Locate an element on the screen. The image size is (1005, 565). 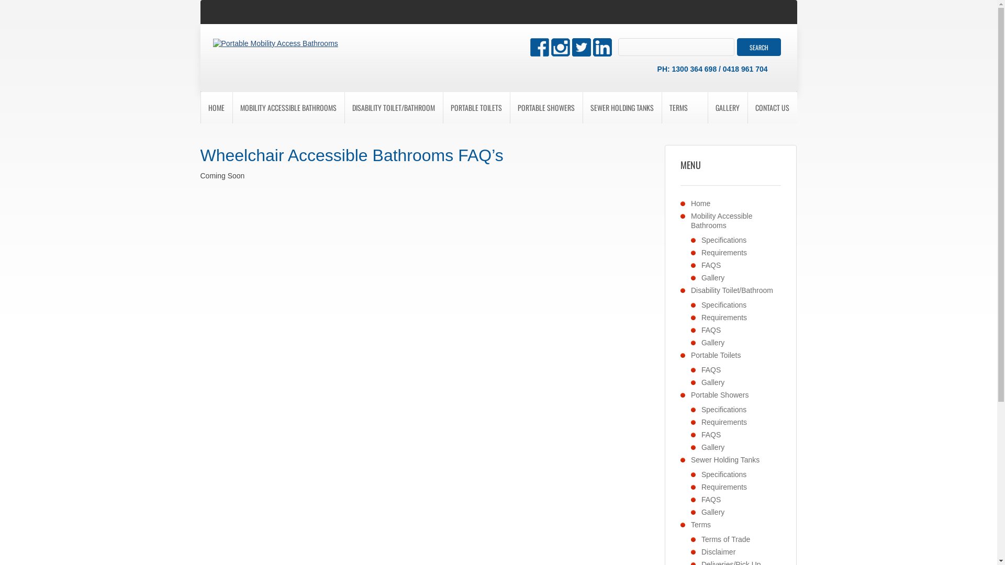
'Terms' is located at coordinates (701, 524).